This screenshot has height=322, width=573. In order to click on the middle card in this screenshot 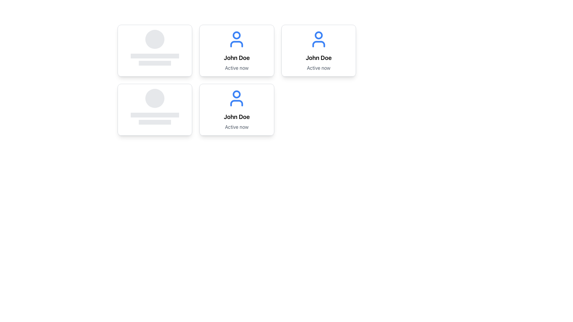, I will do `click(236, 50)`.